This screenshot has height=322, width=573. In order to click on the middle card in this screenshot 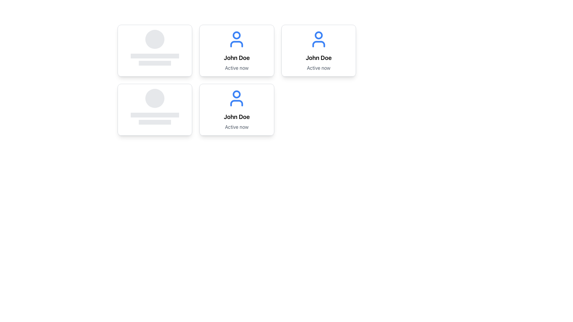, I will do `click(236, 50)`.